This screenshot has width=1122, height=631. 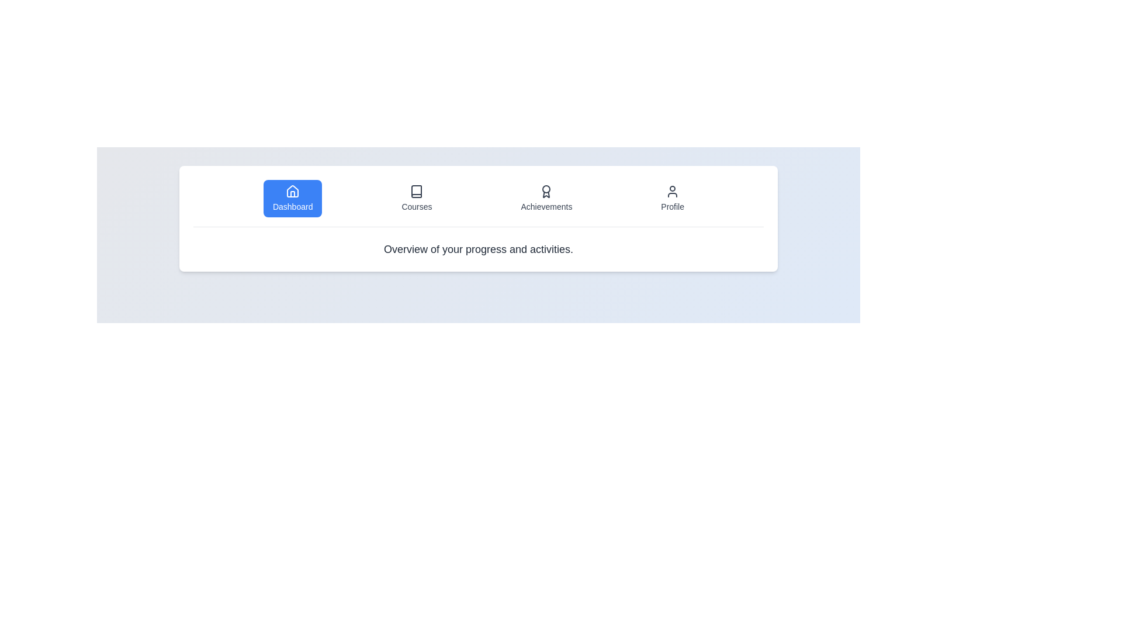 What do you see at coordinates (417, 206) in the screenshot?
I see `text label that indicates the courses option in the navigation menu, located below the book icon and centered as the second item from the left` at bounding box center [417, 206].